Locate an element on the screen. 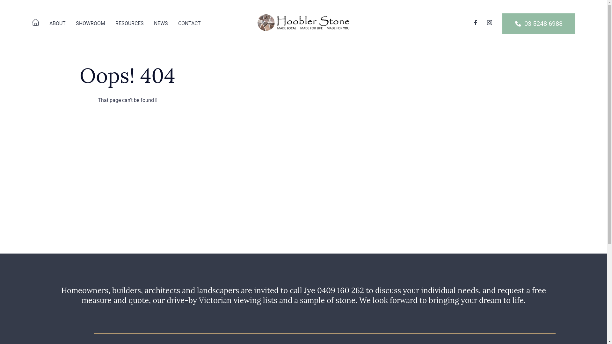  '03 5248 6988' is located at coordinates (538, 23).